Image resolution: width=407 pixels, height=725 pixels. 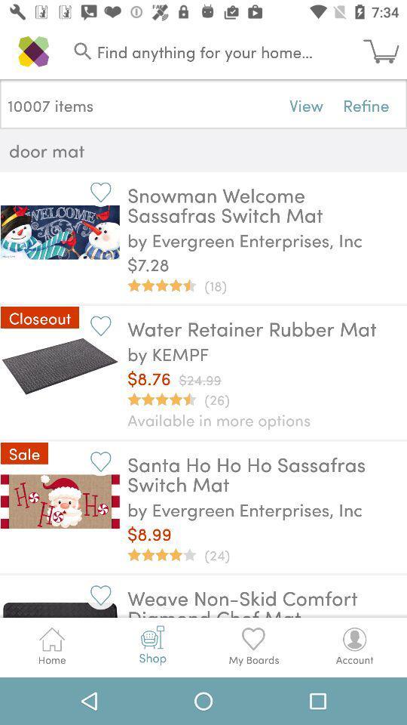 I want to click on view, so click(x=305, y=104).